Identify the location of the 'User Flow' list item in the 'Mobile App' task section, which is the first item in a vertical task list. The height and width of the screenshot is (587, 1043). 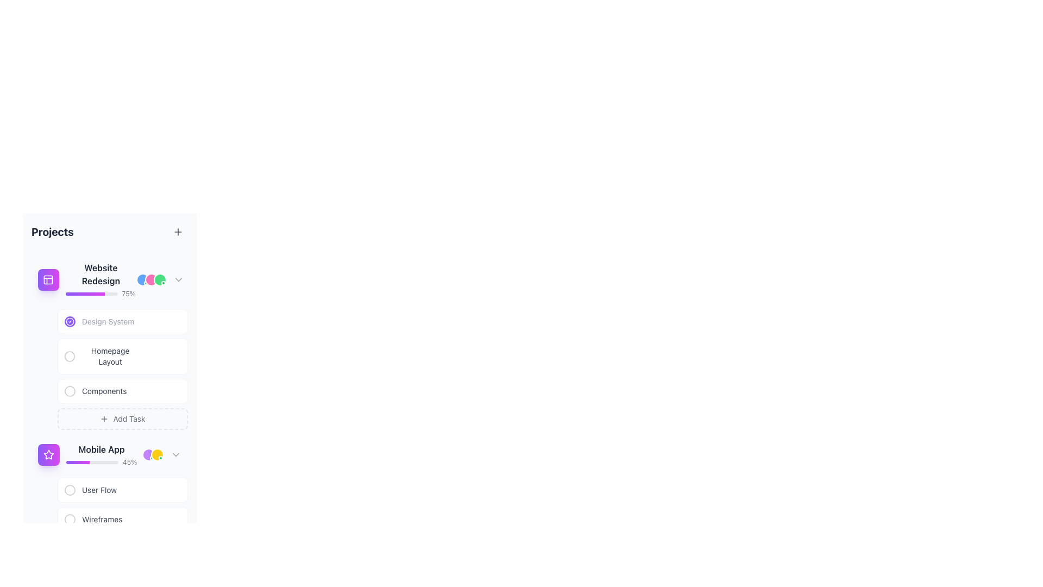
(91, 490).